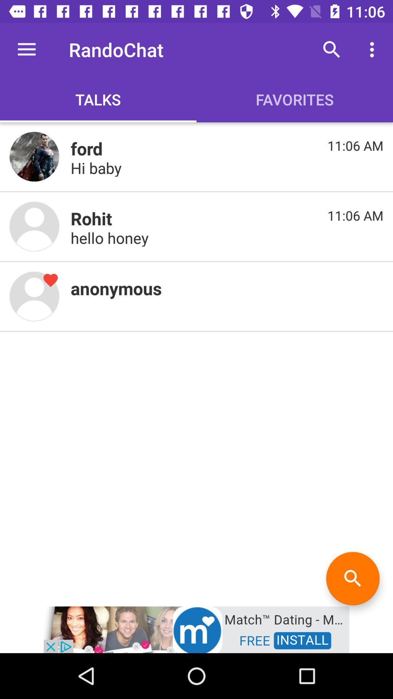 This screenshot has height=699, width=393. Describe the element at coordinates (34, 226) in the screenshot. I see `important to know` at that location.